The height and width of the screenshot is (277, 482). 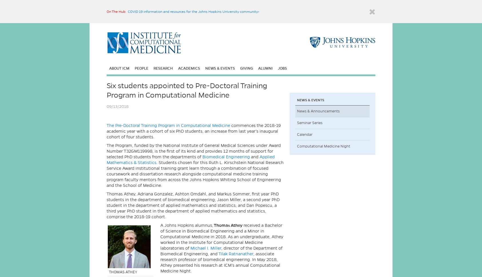 What do you see at coordinates (153, 68) in the screenshot?
I see `'Research'` at bounding box center [153, 68].